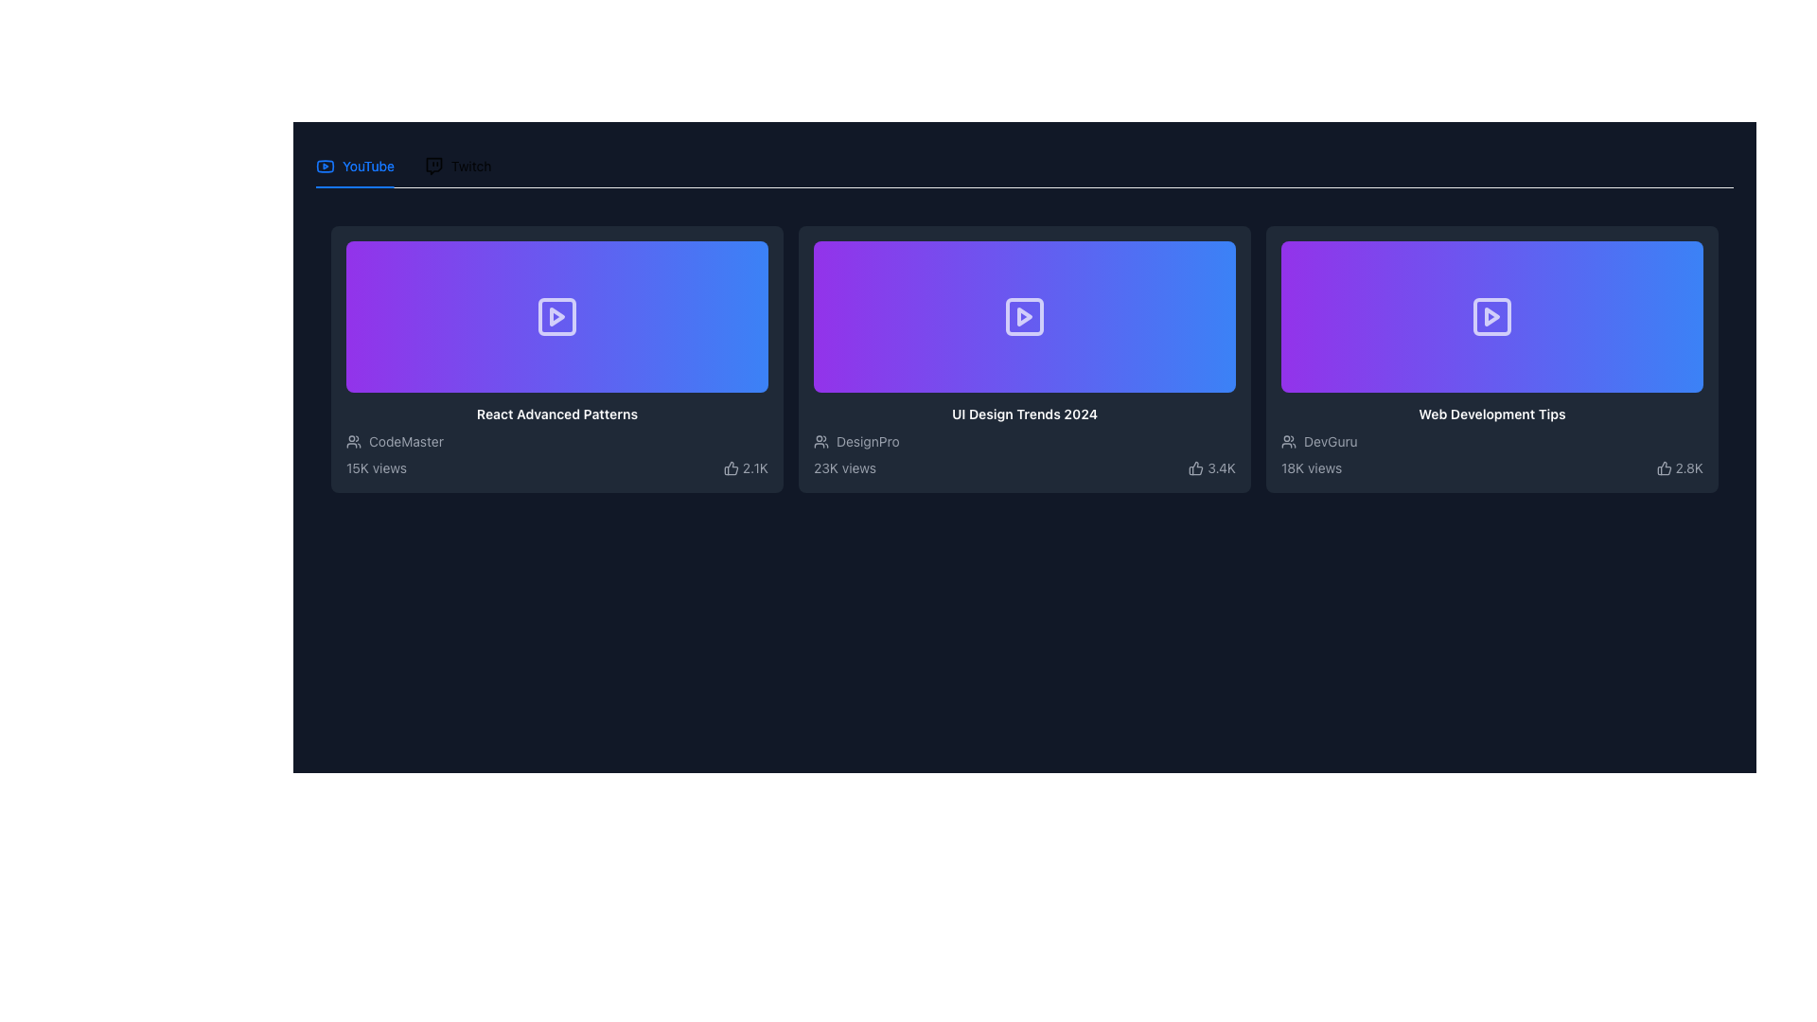  I want to click on numerical indicator text representing the count of positive reactions, located to the right of the thumbs-up icon on the third card in a group of three cards, so click(1689, 467).